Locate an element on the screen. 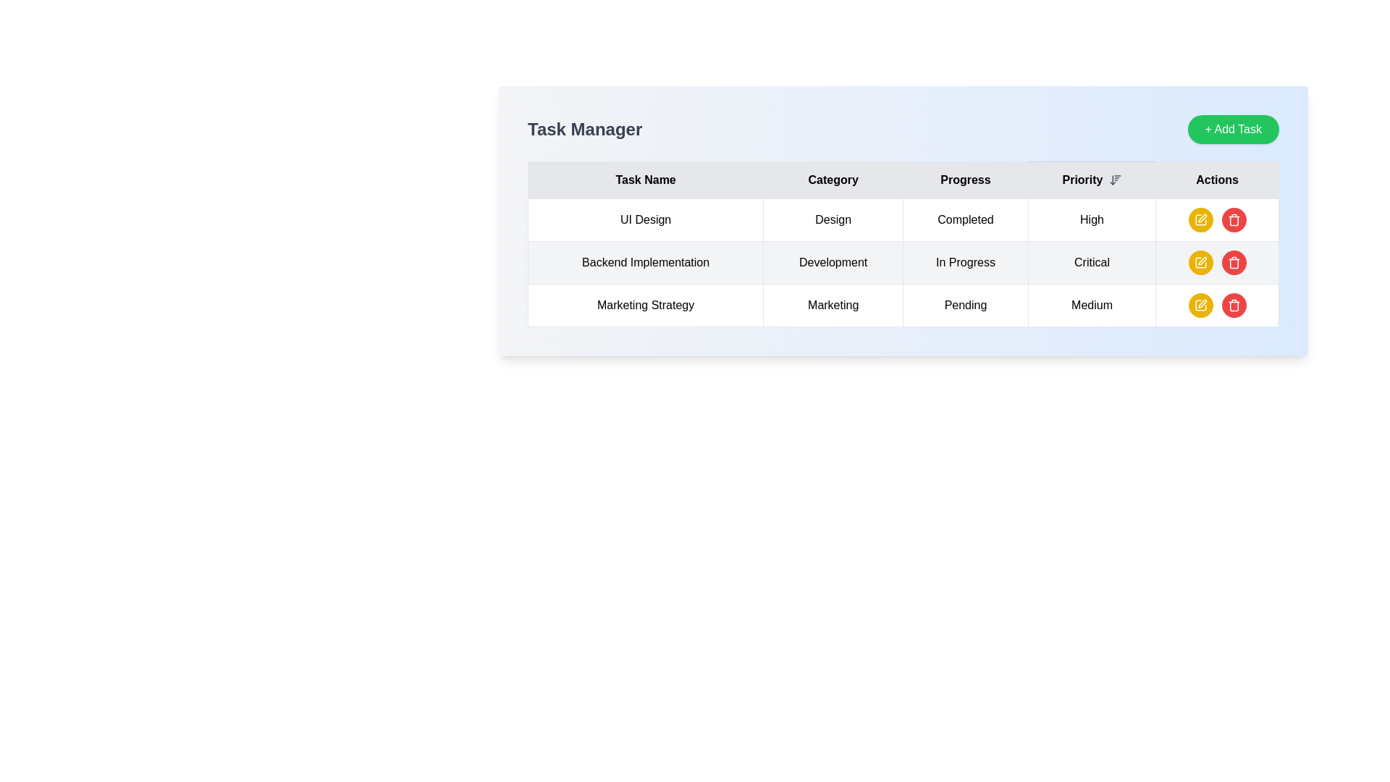 The image size is (1390, 782). the text label in the second column of the first row of the task table that displays the category associated with the 'UI Design' task is located at coordinates (833, 220).